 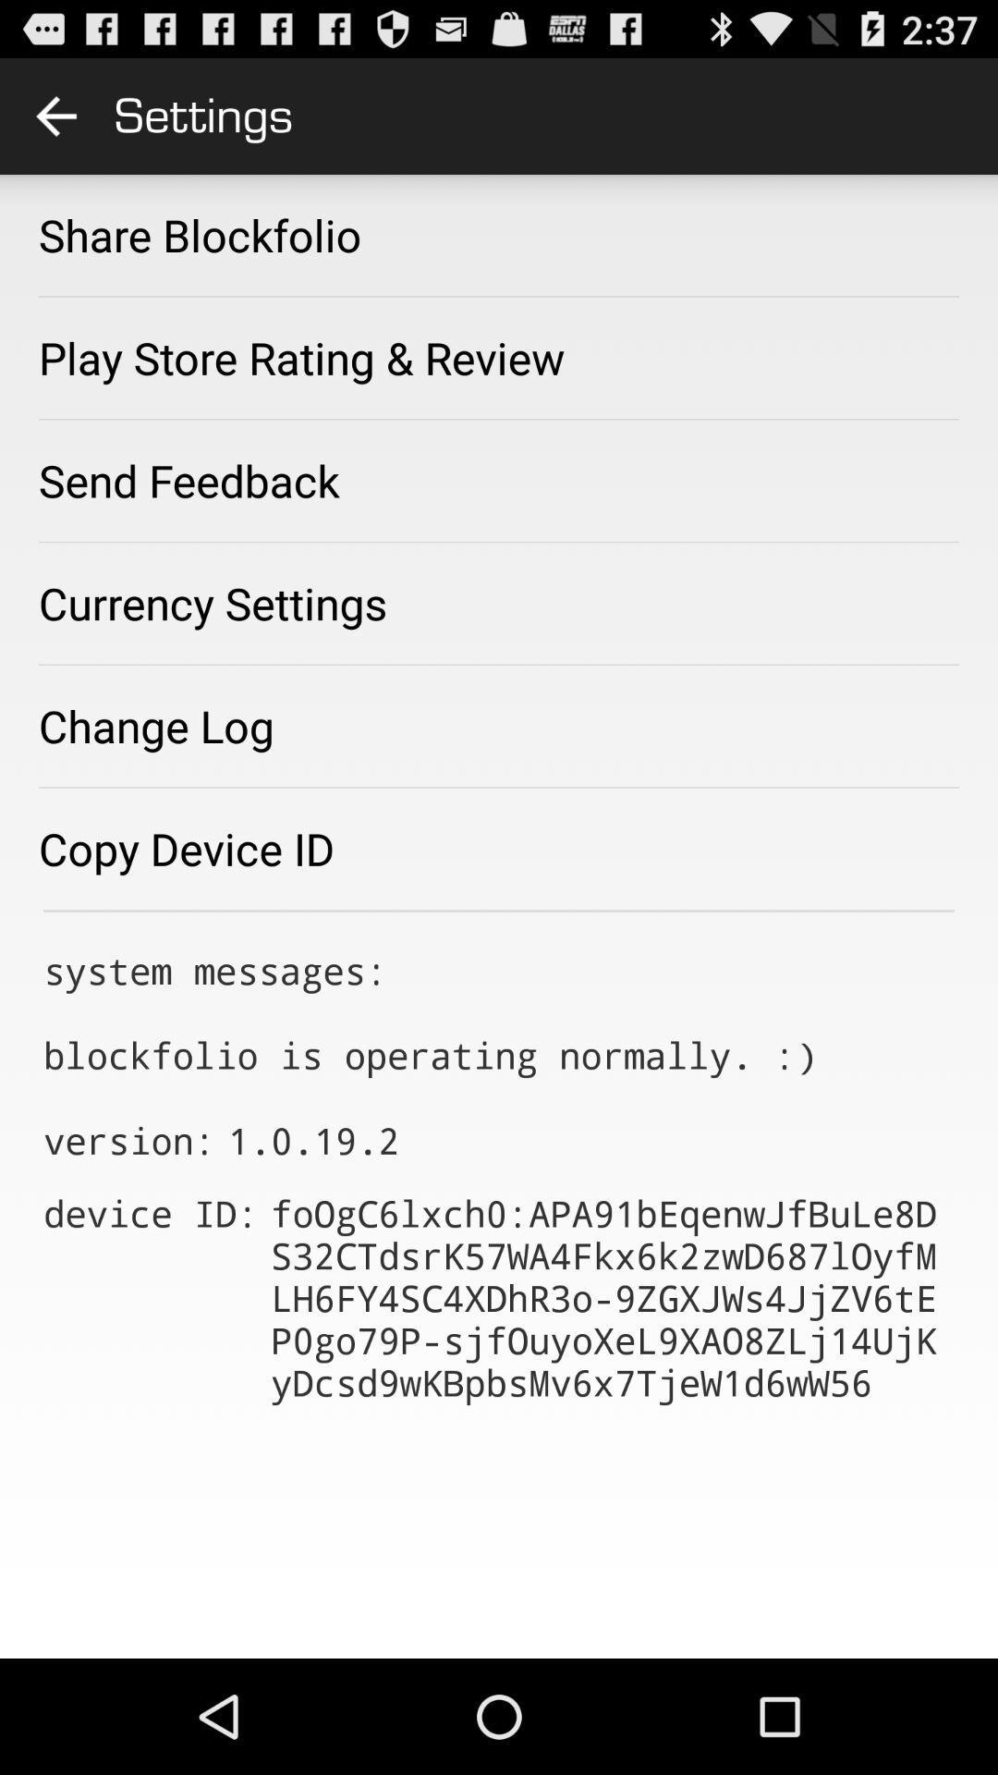 I want to click on the item above change log app, so click(x=212, y=603).